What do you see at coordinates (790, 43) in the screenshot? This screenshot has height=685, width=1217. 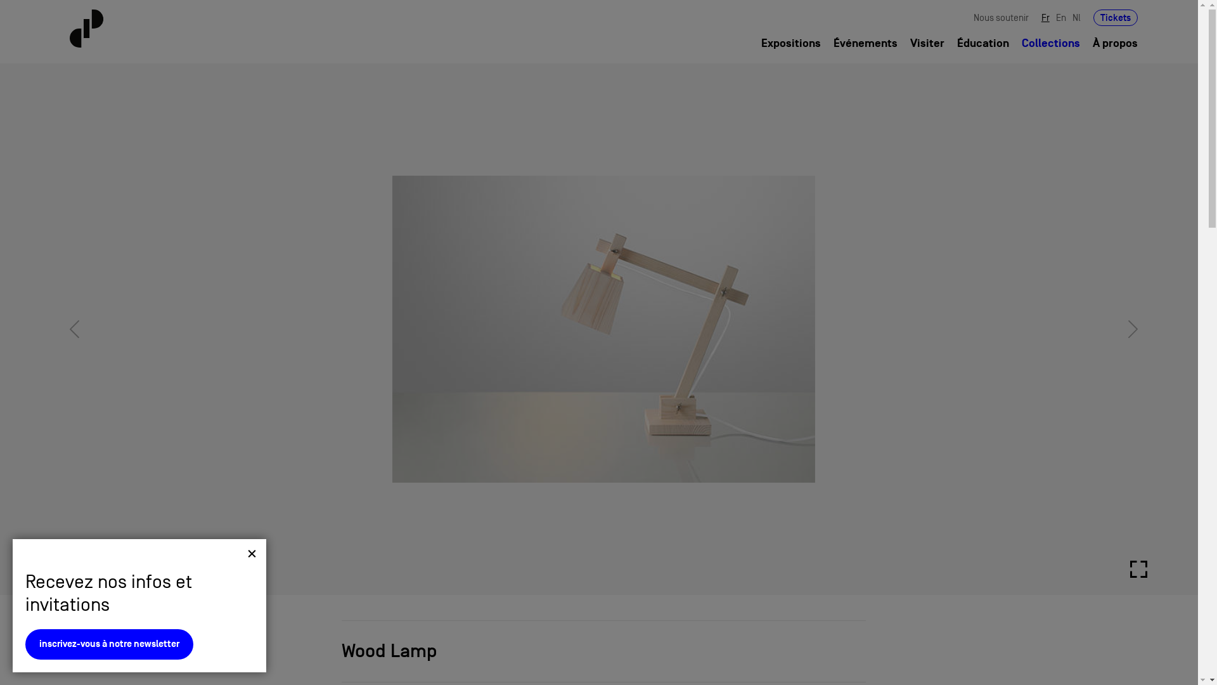 I see `'Expositions'` at bounding box center [790, 43].